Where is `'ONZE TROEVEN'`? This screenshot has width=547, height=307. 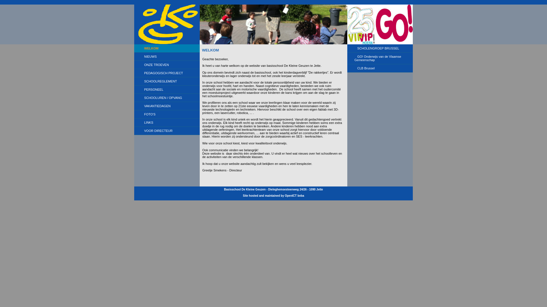 'ONZE TROEVEN' is located at coordinates (134, 65).